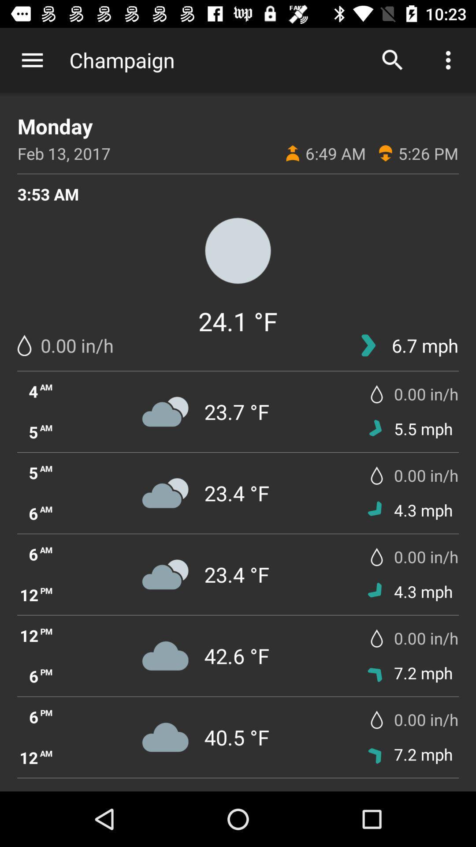 The image size is (476, 847). What do you see at coordinates (32, 60) in the screenshot?
I see `setting button` at bounding box center [32, 60].